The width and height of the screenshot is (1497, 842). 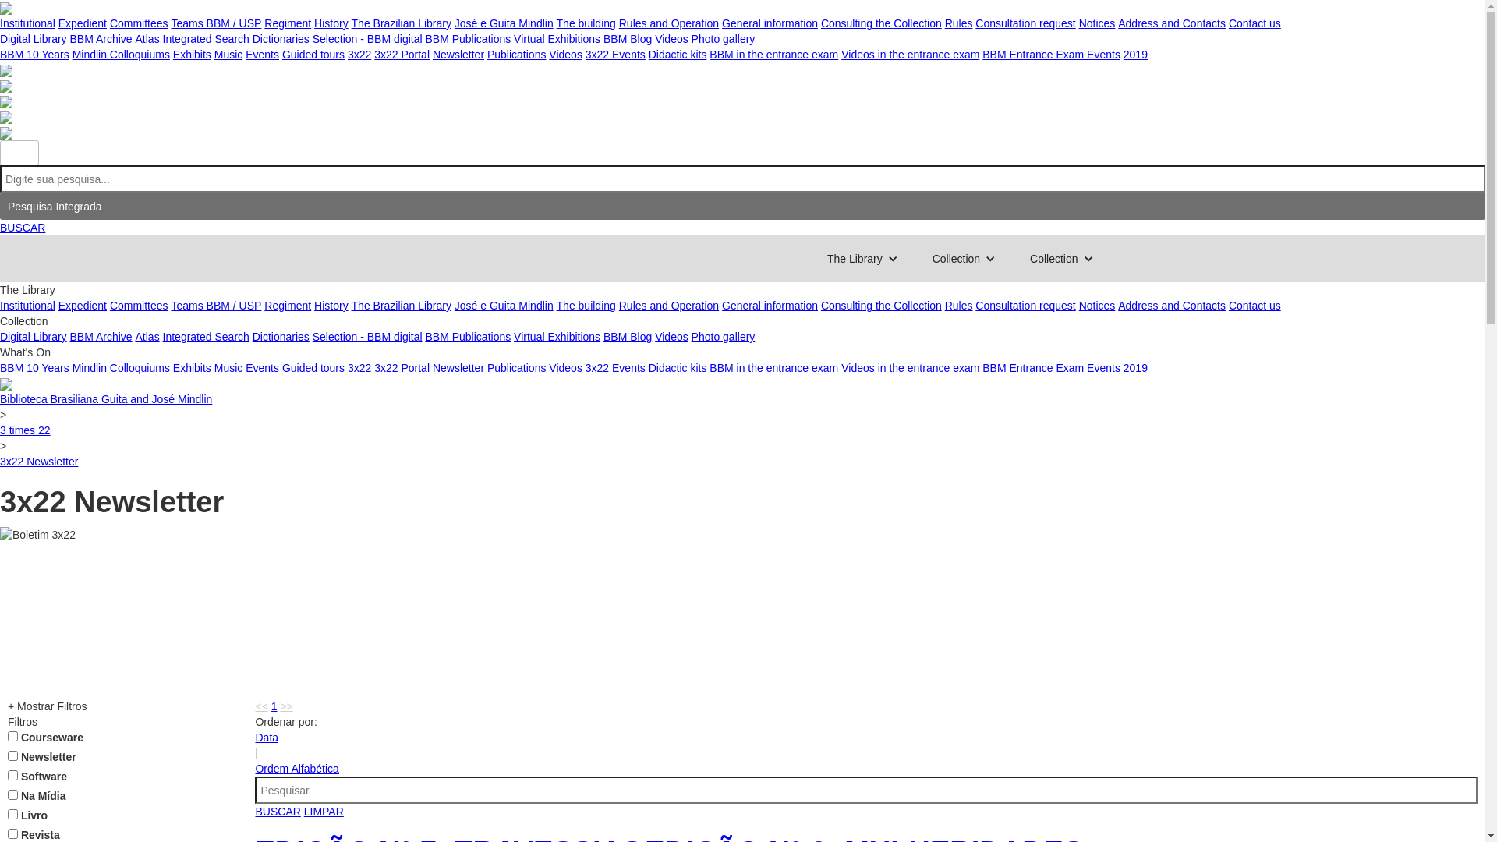 What do you see at coordinates (262, 53) in the screenshot?
I see `'Events'` at bounding box center [262, 53].